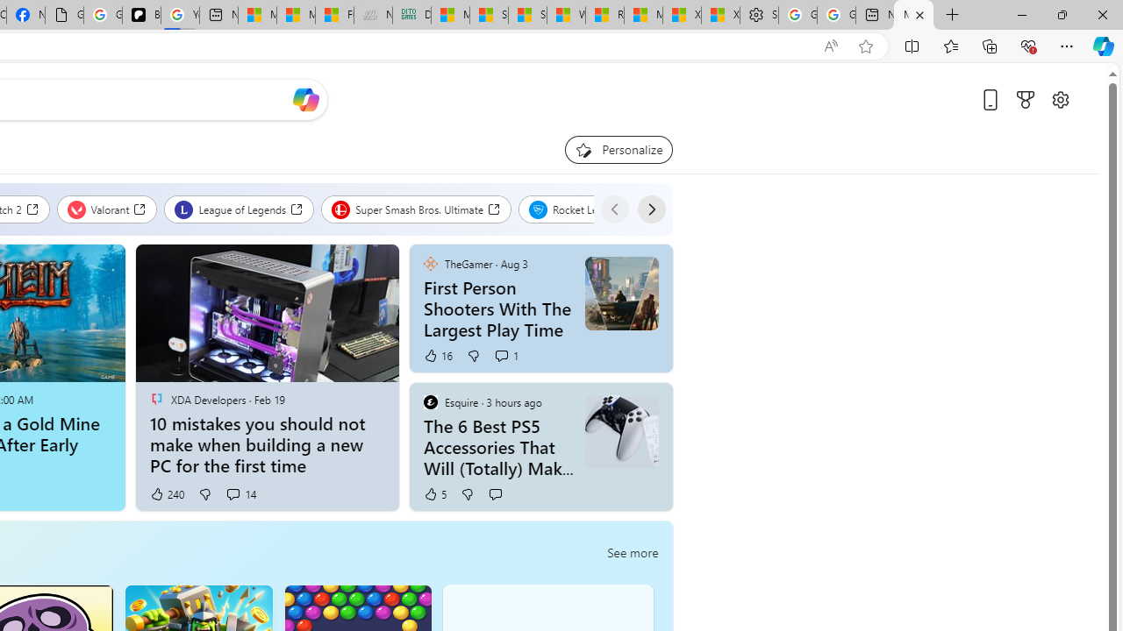 Image resolution: width=1123 pixels, height=631 pixels. What do you see at coordinates (232, 493) in the screenshot?
I see `'View comments 14 Comment'` at bounding box center [232, 493].